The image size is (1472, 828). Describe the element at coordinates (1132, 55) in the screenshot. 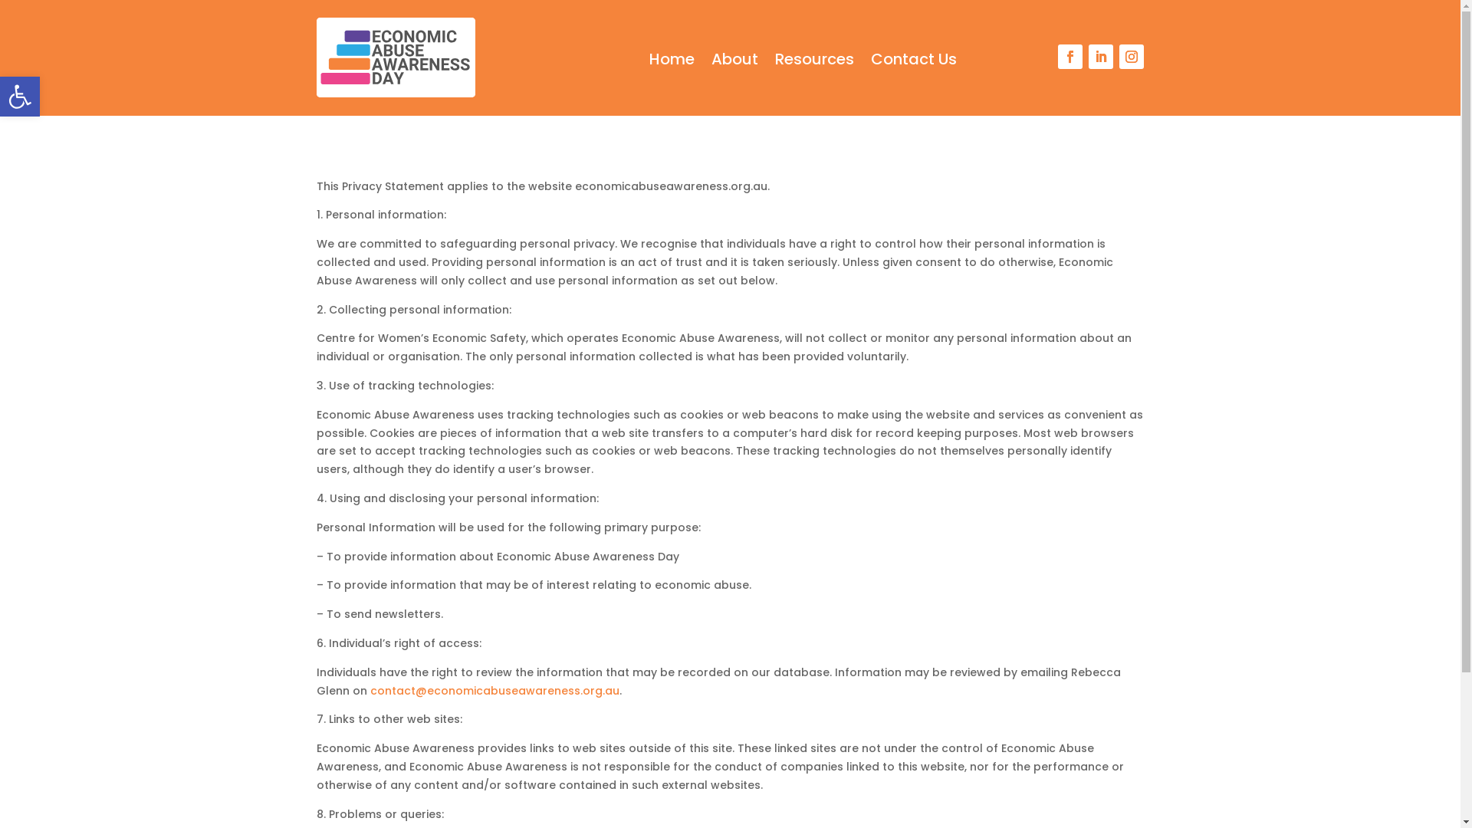

I see `'Follow on Instagram'` at that location.